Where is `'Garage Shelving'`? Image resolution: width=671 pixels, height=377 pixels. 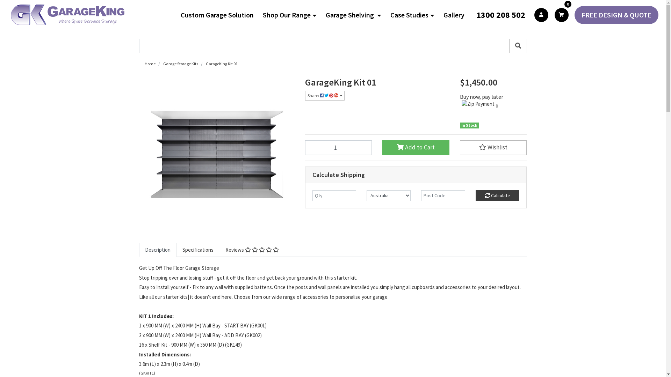
'Garage Shelving' is located at coordinates (356, 15).